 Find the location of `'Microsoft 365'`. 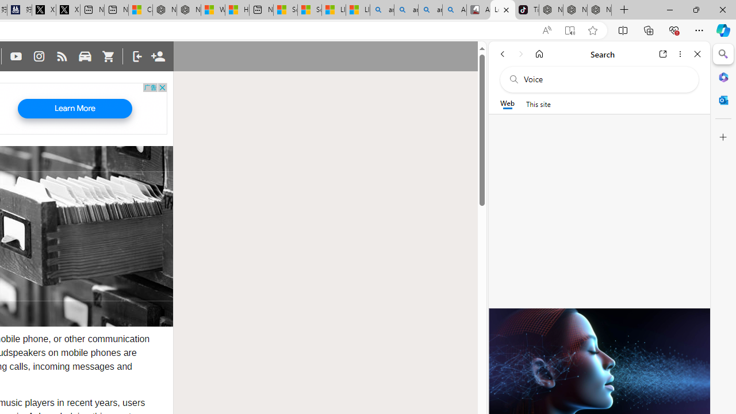

'Microsoft 365' is located at coordinates (723, 76).